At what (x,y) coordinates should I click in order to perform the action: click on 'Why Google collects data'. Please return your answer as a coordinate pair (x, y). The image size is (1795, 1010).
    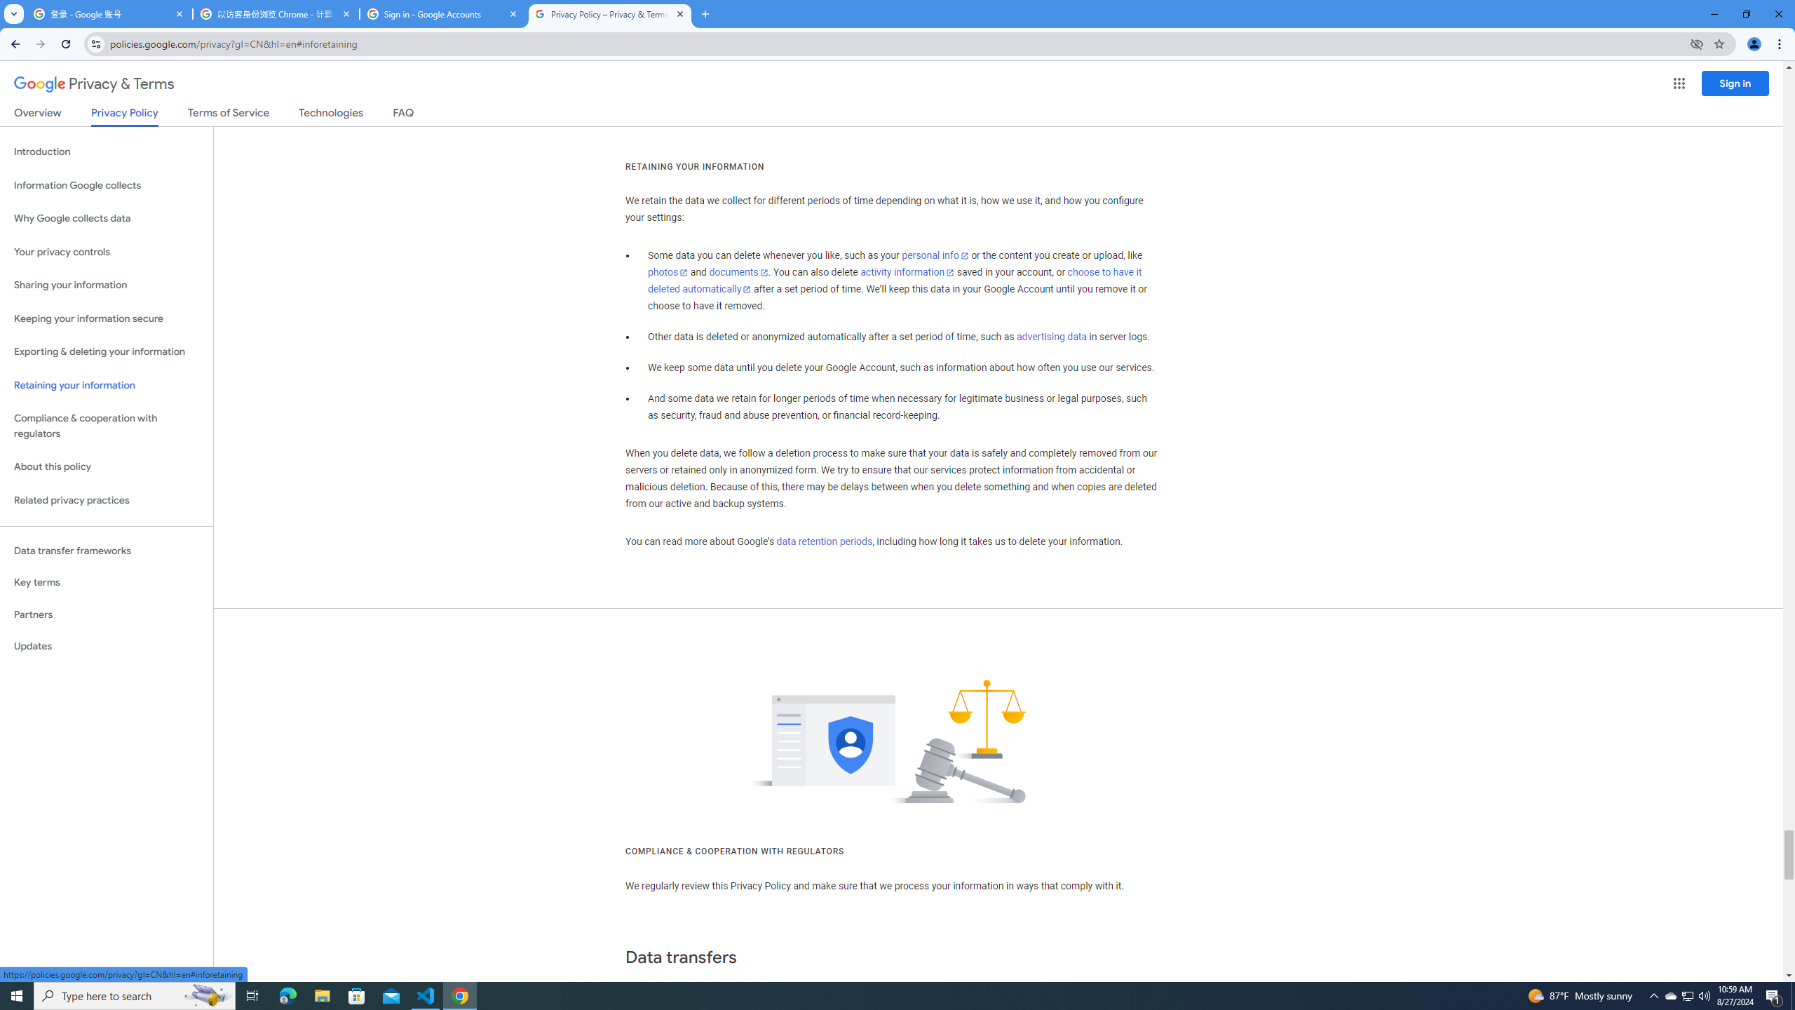
    Looking at the image, I should click on (106, 217).